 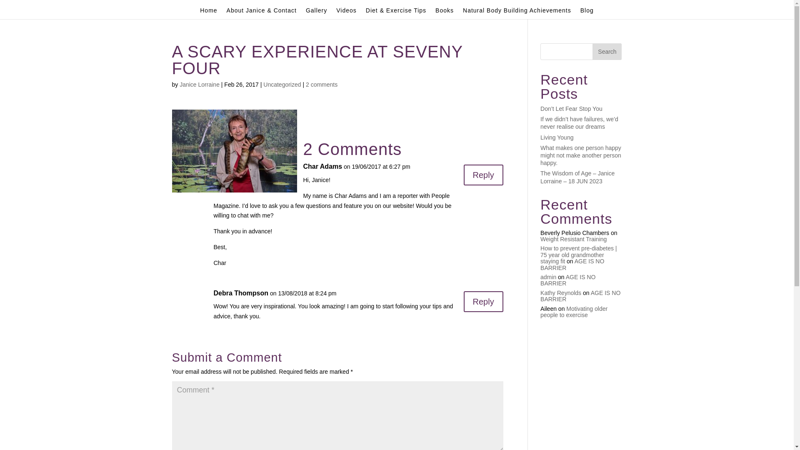 What do you see at coordinates (366, 13) in the screenshot?
I see `'Diet & Exercise Tips'` at bounding box center [366, 13].